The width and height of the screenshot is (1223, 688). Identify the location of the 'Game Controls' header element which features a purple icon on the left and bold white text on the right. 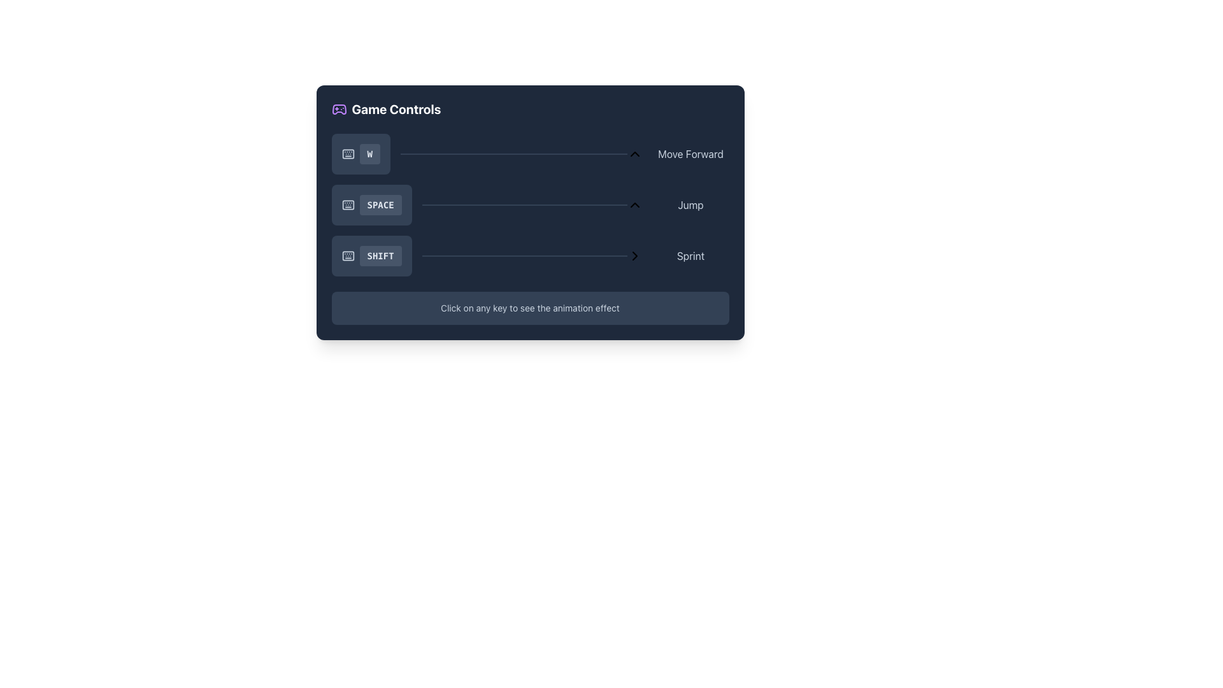
(530, 109).